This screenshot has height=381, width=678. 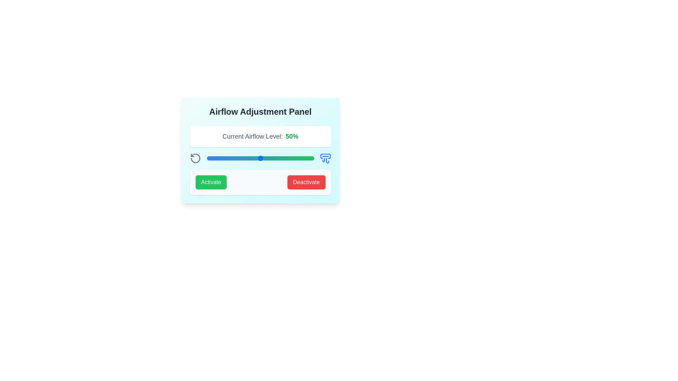 What do you see at coordinates (306, 182) in the screenshot?
I see `'Deactivate' button to disable airflow` at bounding box center [306, 182].